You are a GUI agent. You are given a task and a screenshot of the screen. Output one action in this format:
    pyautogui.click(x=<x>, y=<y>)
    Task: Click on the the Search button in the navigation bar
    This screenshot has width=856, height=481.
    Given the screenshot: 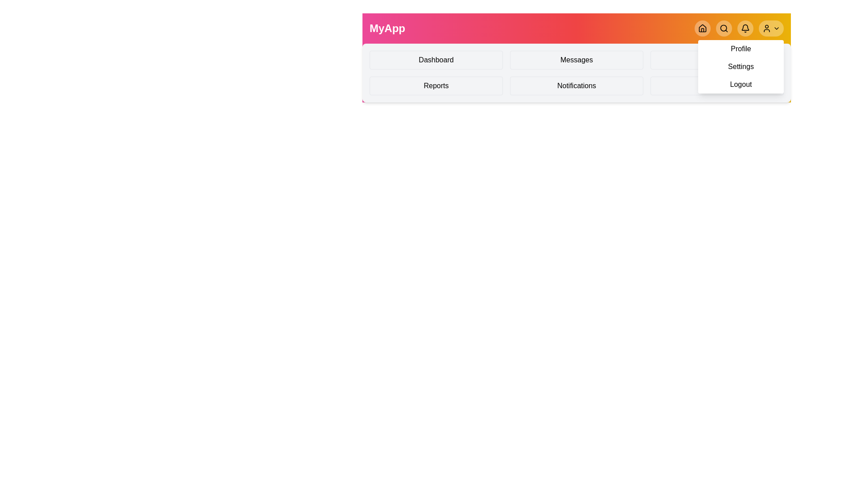 What is the action you would take?
    pyautogui.click(x=724, y=28)
    